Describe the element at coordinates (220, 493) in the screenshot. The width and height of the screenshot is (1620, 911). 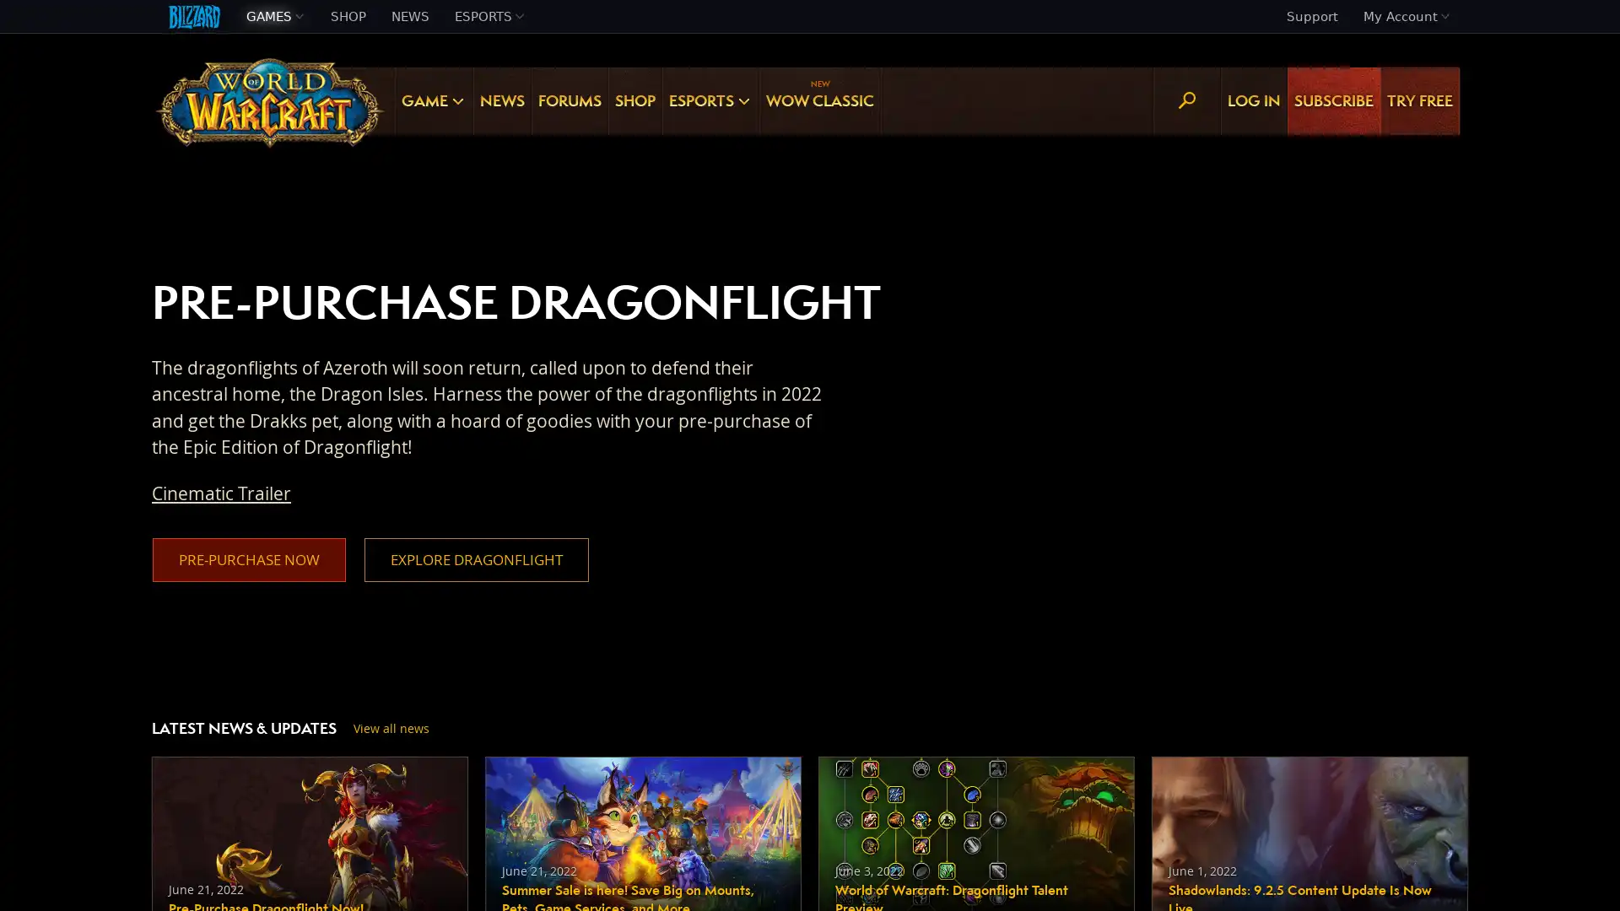
I see `Cinematic Trailer` at that location.